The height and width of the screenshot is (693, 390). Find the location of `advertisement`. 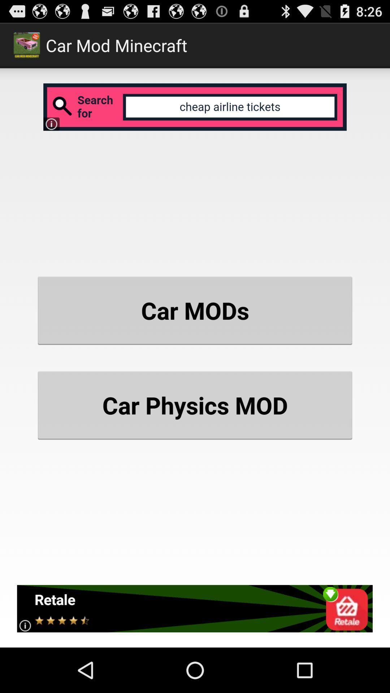

advertisement is located at coordinates (195, 106).